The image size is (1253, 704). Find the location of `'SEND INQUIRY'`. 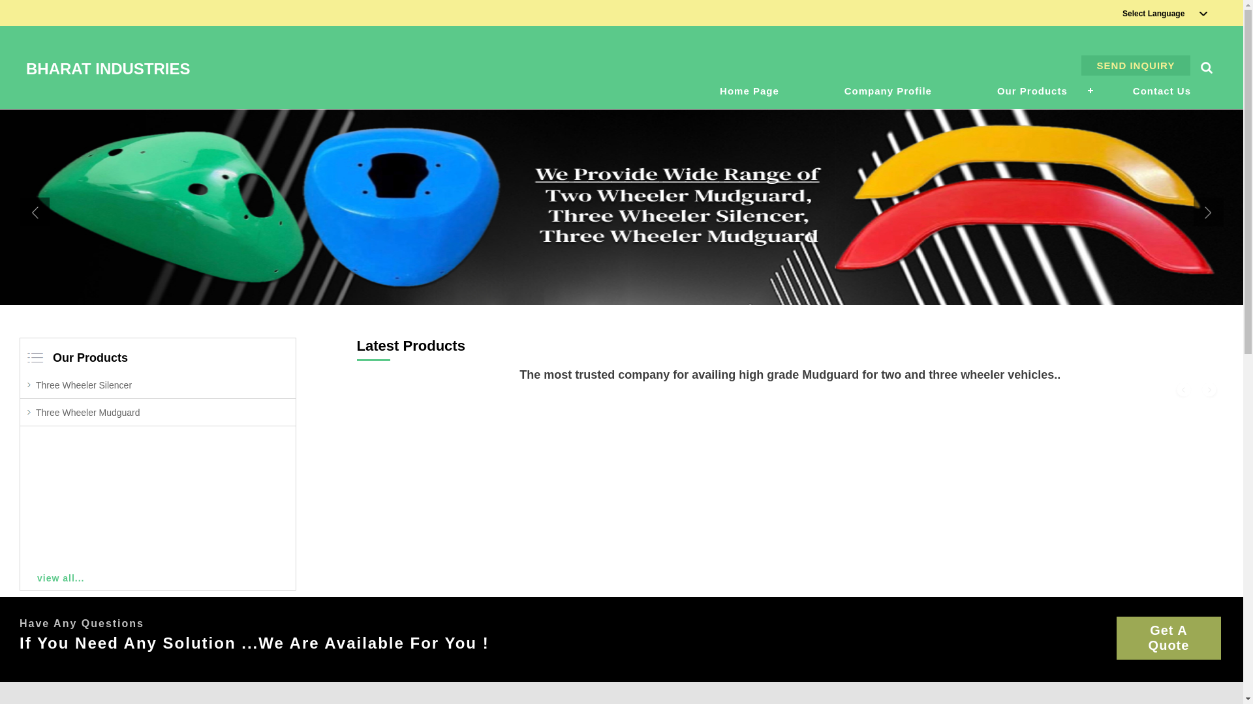

'SEND INQUIRY' is located at coordinates (1135, 65).